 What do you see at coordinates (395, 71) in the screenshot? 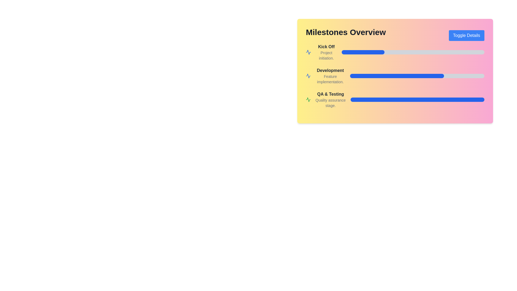
I see `the second progress bar in the milestones overview to interact with it if it is interactive` at bounding box center [395, 71].